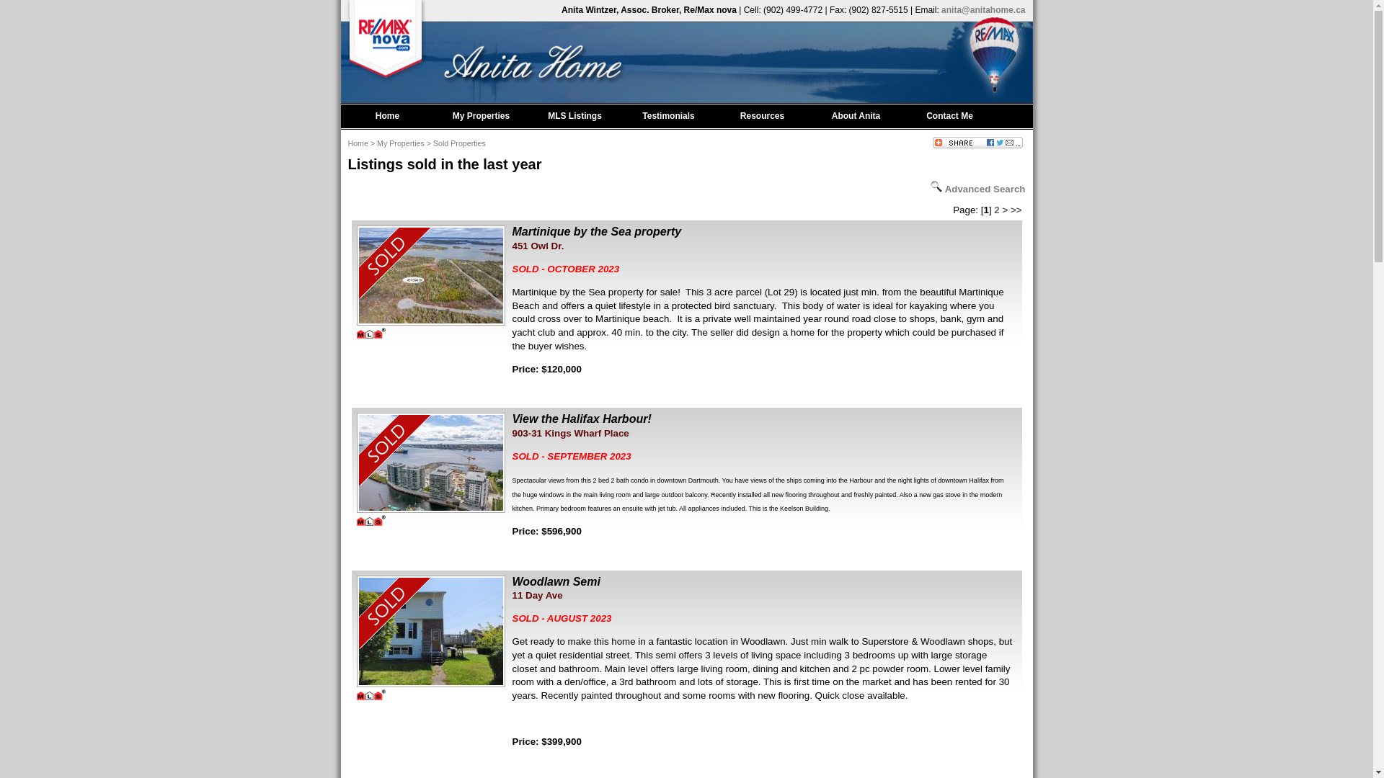 The width and height of the screenshot is (1384, 778). Describe the element at coordinates (526, 115) in the screenshot. I see `'MLS Listings'` at that location.